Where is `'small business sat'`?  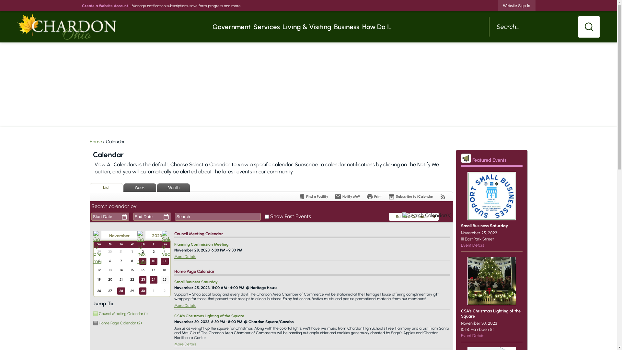 'small business sat' is located at coordinates (491, 196).